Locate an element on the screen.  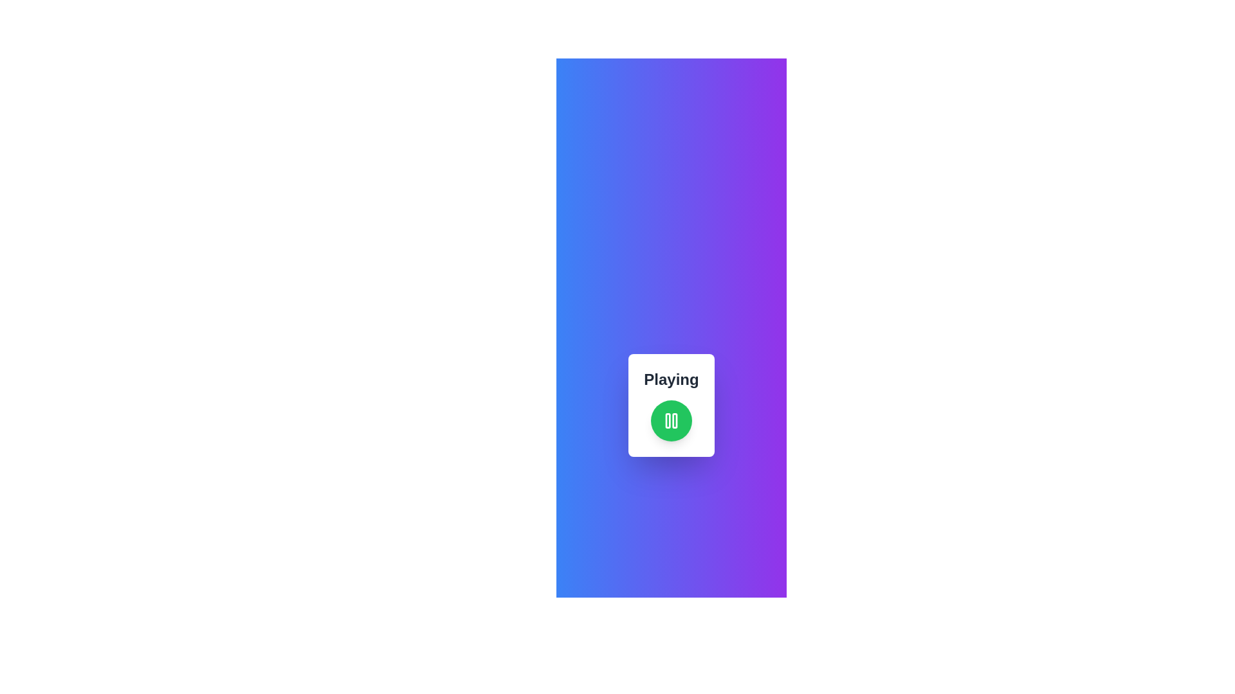
the left vertical bar of the 'pause' icon, which is part of the pause button functionality is located at coordinates (667, 421).